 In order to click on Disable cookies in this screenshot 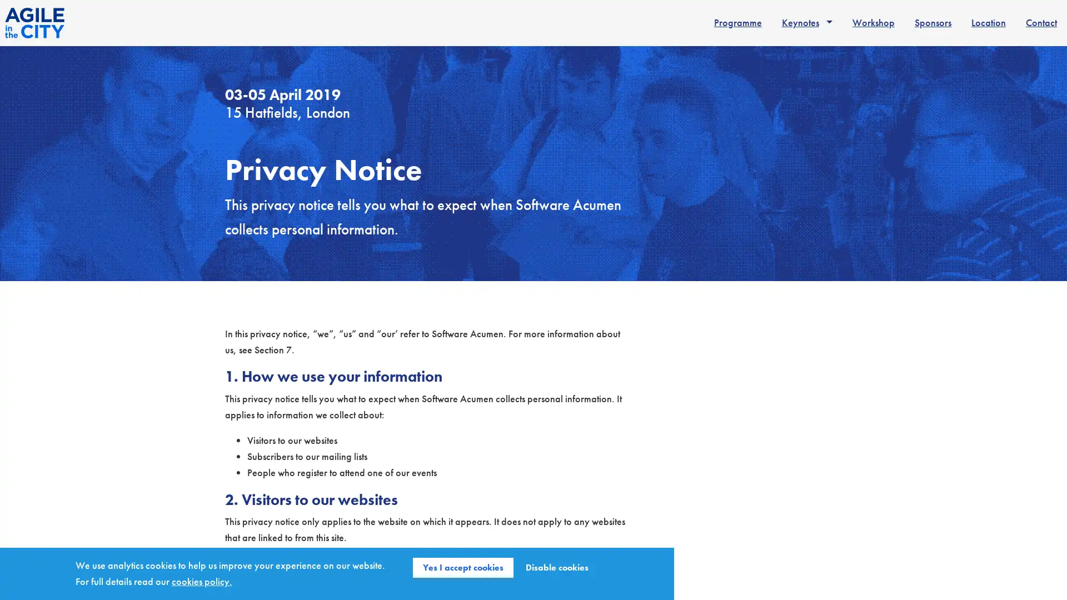, I will do `click(557, 568)`.